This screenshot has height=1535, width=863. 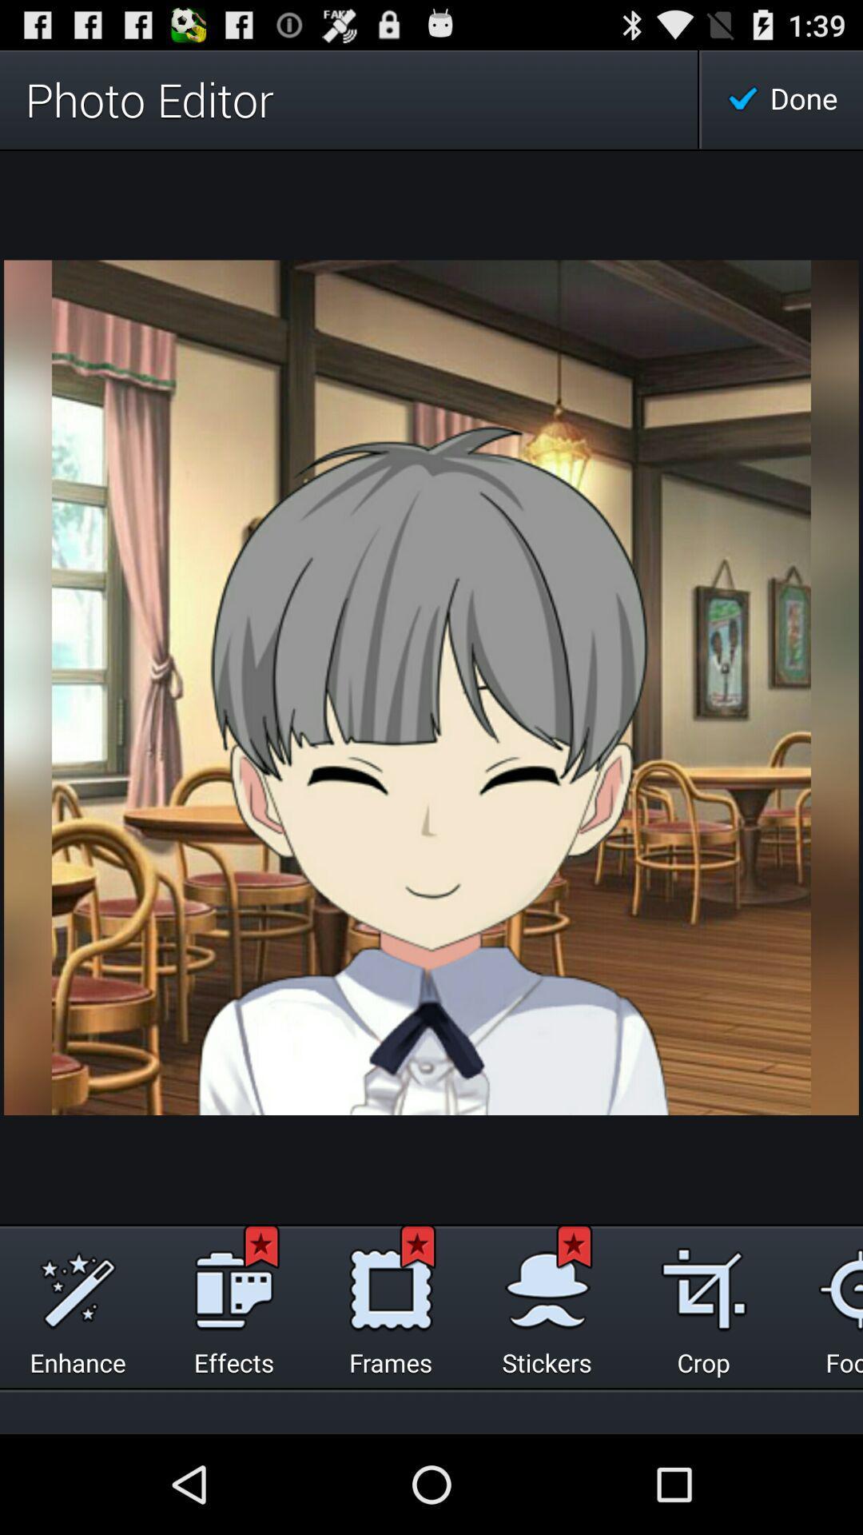 What do you see at coordinates (78, 1285) in the screenshot?
I see `the icon above enhance` at bounding box center [78, 1285].